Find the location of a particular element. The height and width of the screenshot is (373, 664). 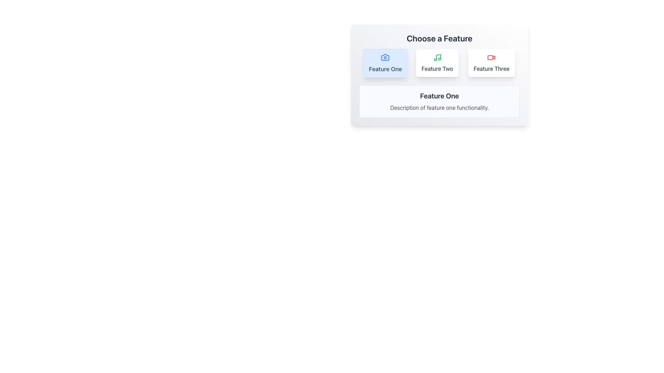

the green diagonal line segment in the SVG graphic representing a musical note icon located in the 'Choose a Feature' panel is located at coordinates (438, 57).